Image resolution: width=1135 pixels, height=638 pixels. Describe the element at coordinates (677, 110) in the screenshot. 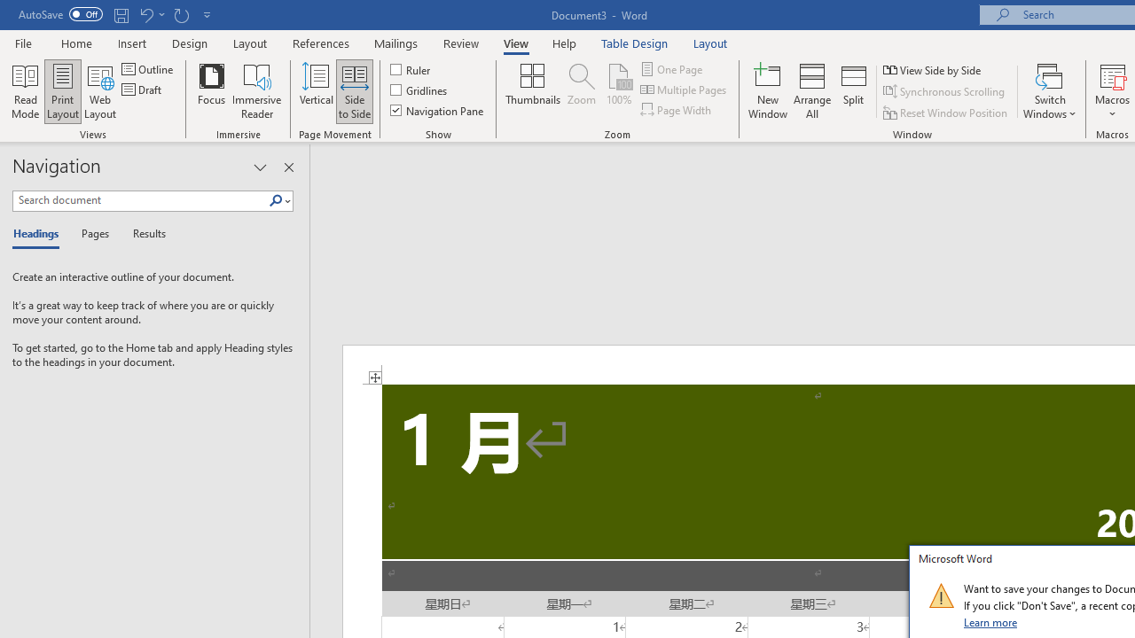

I see `'Page Width'` at that location.